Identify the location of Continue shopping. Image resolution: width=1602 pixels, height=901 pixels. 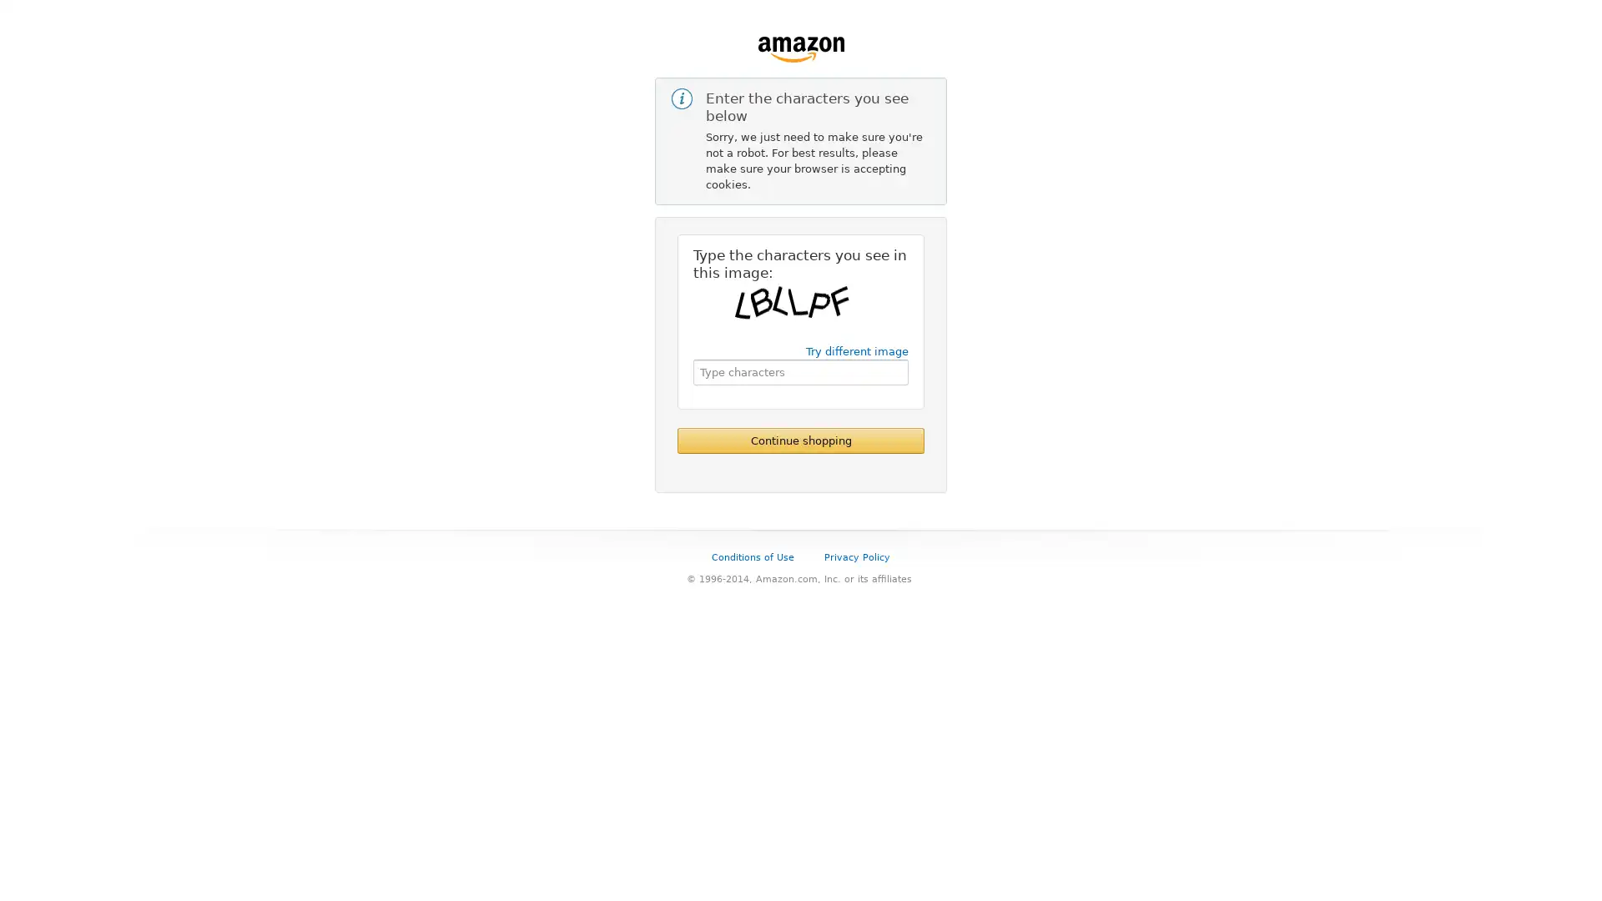
(801, 440).